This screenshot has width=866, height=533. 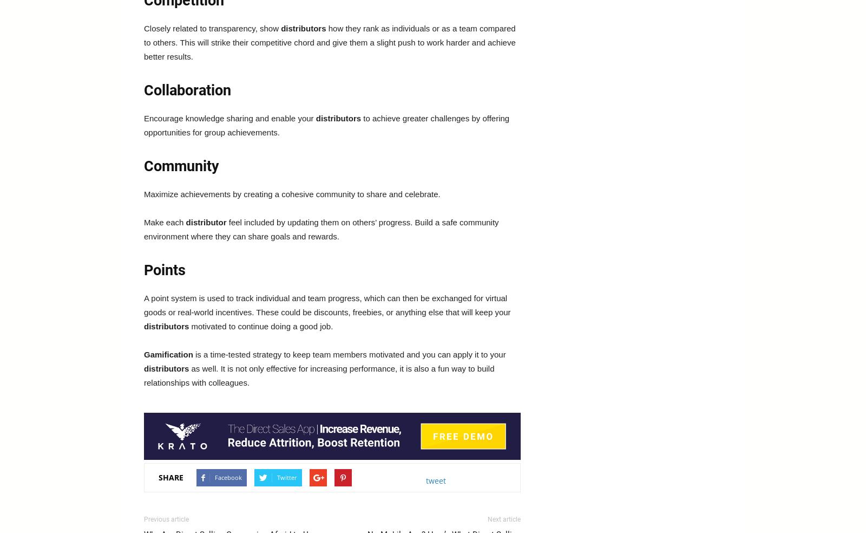 What do you see at coordinates (165, 269) in the screenshot?
I see `'Points'` at bounding box center [165, 269].